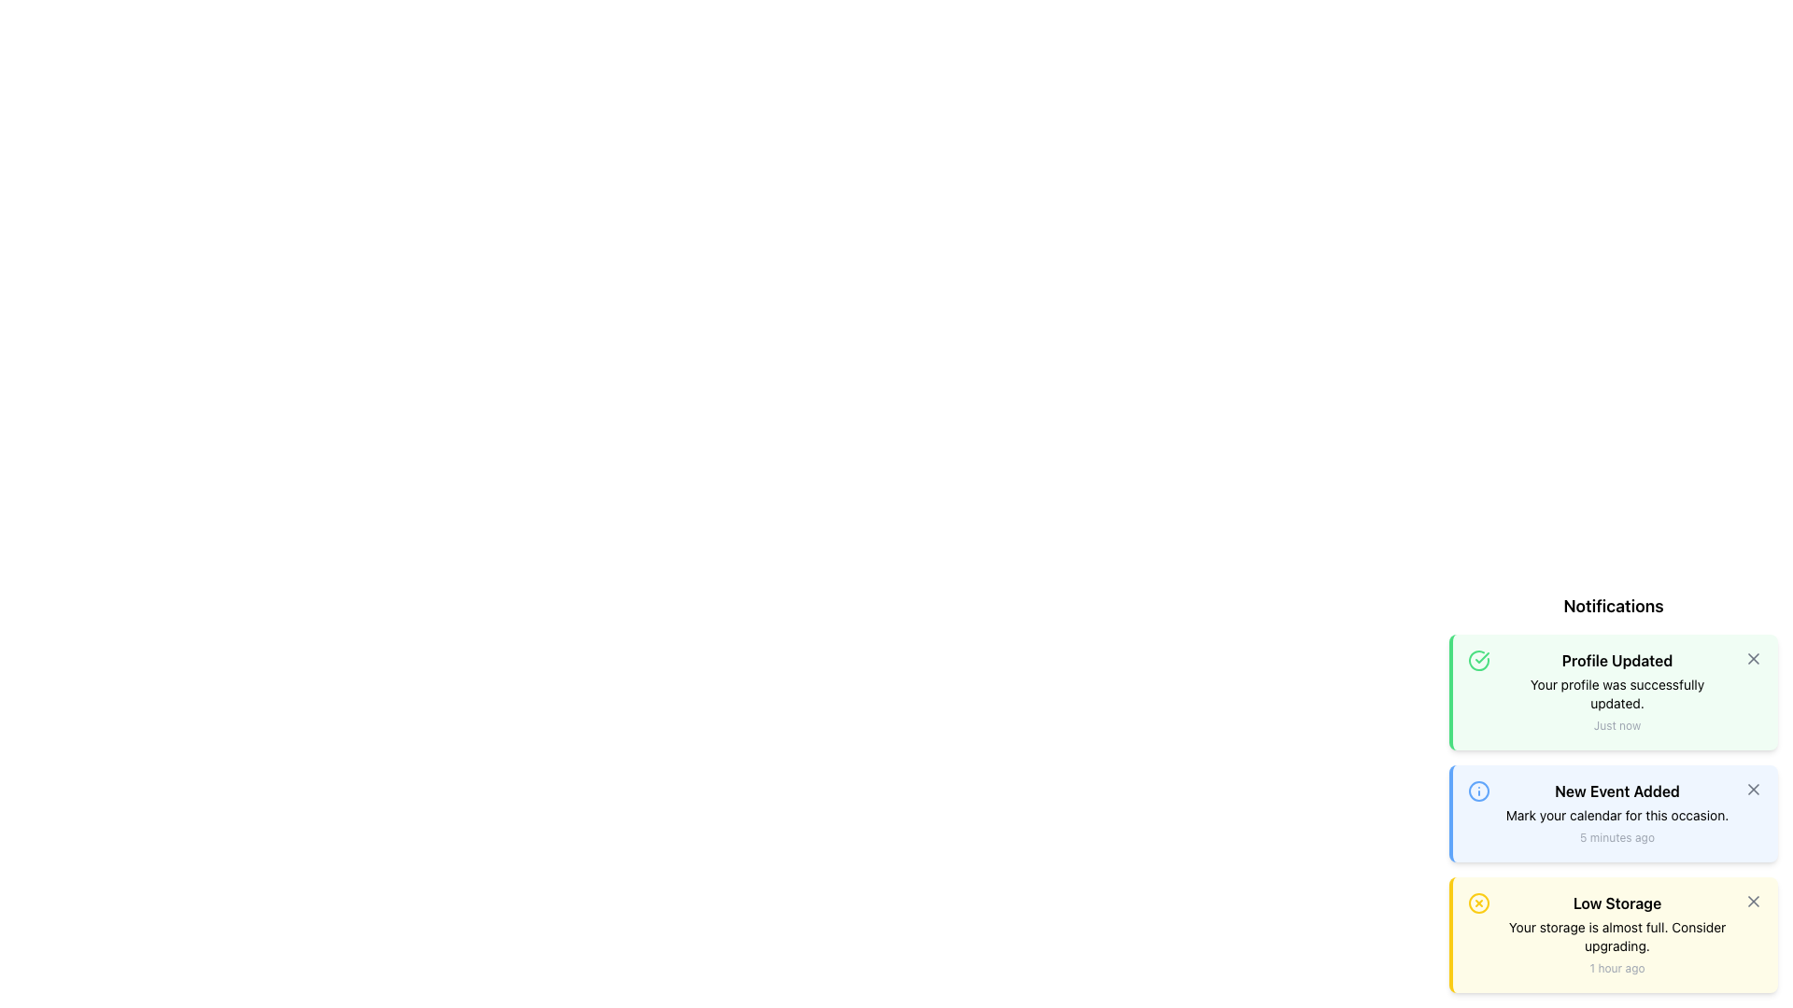 This screenshot has height=1008, width=1793. What do you see at coordinates (1752, 900) in the screenshot?
I see `the dismiss button located in the top-right corner of the 'Low Storage' notification card` at bounding box center [1752, 900].